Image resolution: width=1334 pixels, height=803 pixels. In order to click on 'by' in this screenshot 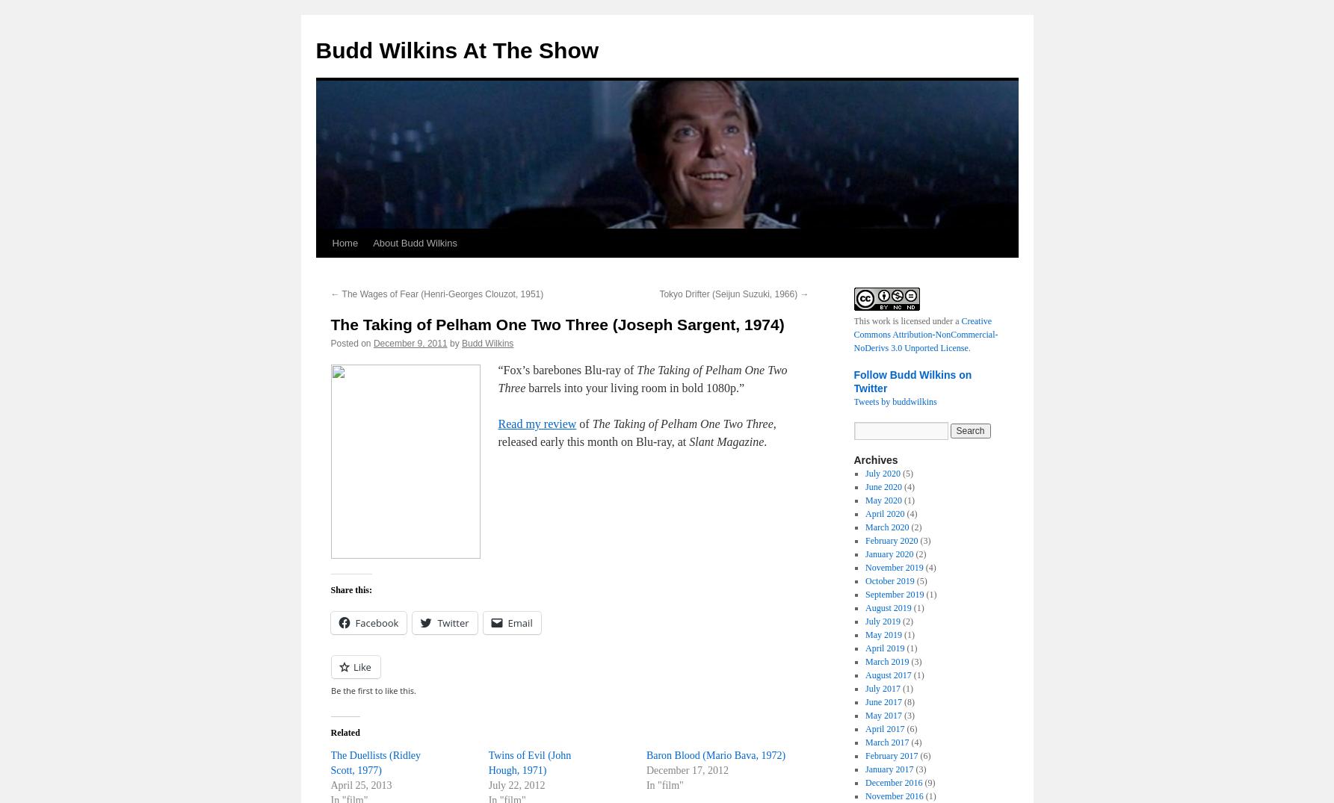, I will do `click(454, 343)`.